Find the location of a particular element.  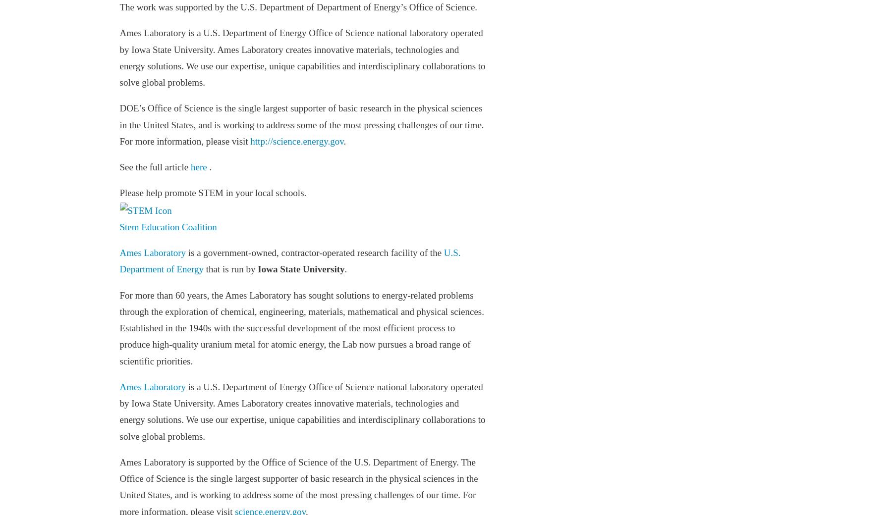

'here' is located at coordinates (199, 166).